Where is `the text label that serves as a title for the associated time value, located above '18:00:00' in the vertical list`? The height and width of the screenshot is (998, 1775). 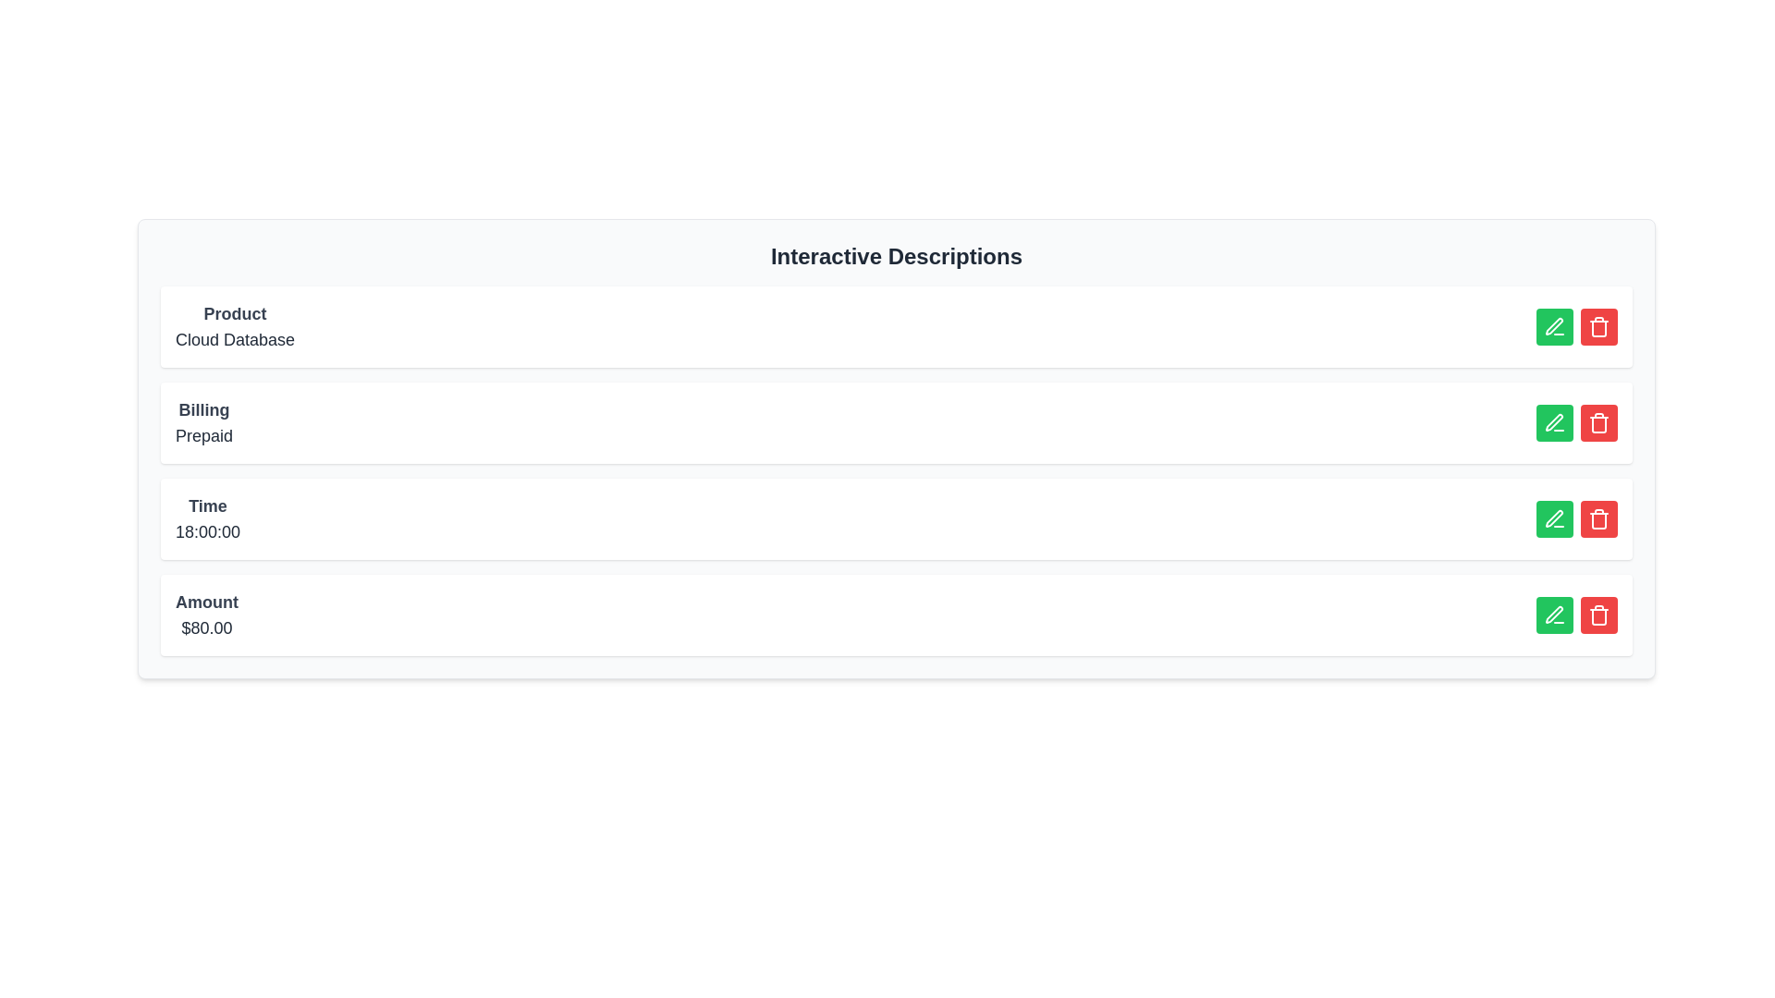
the text label that serves as a title for the associated time value, located above '18:00:00' in the vertical list is located at coordinates (208, 505).